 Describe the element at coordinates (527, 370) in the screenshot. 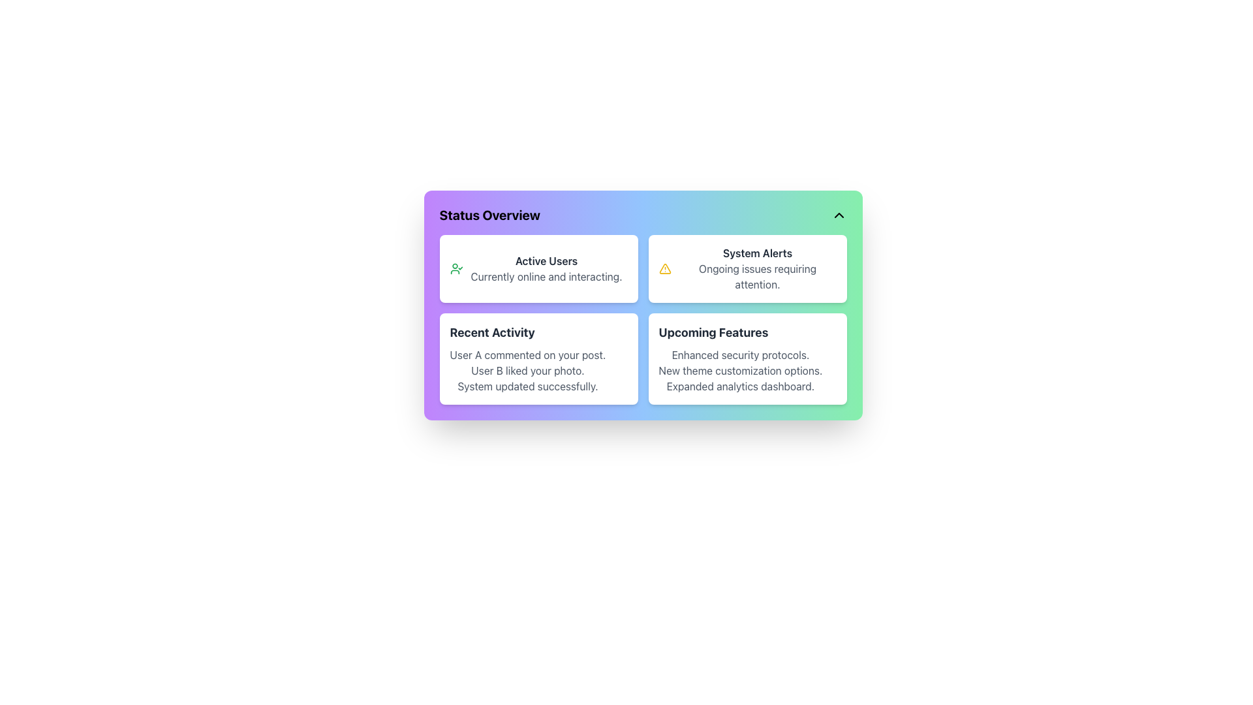

I see `the notification text label that indicates 'User B liked your photo', located in the 'Recent Activity' section as the second entry` at that location.